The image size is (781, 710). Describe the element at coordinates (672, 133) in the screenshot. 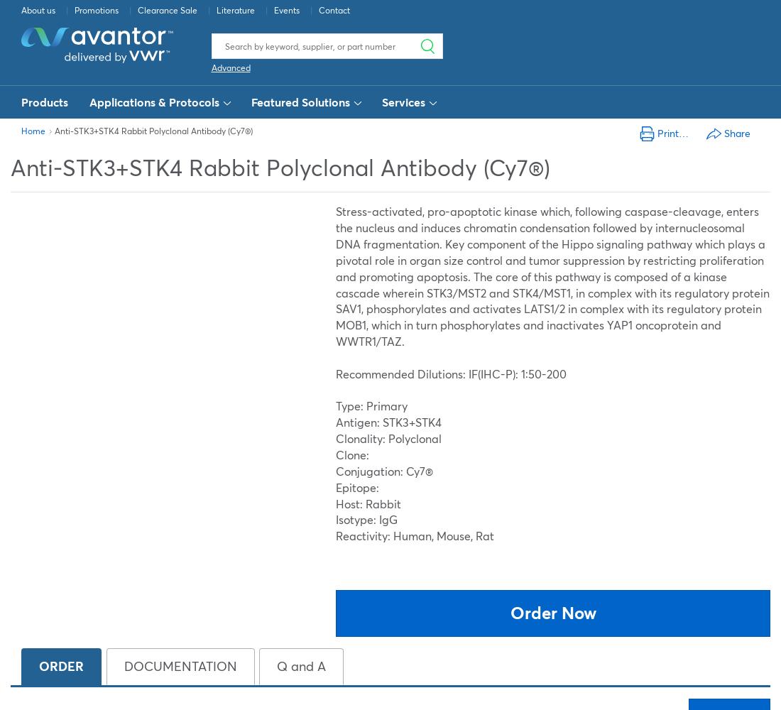

I see `'Print…'` at that location.